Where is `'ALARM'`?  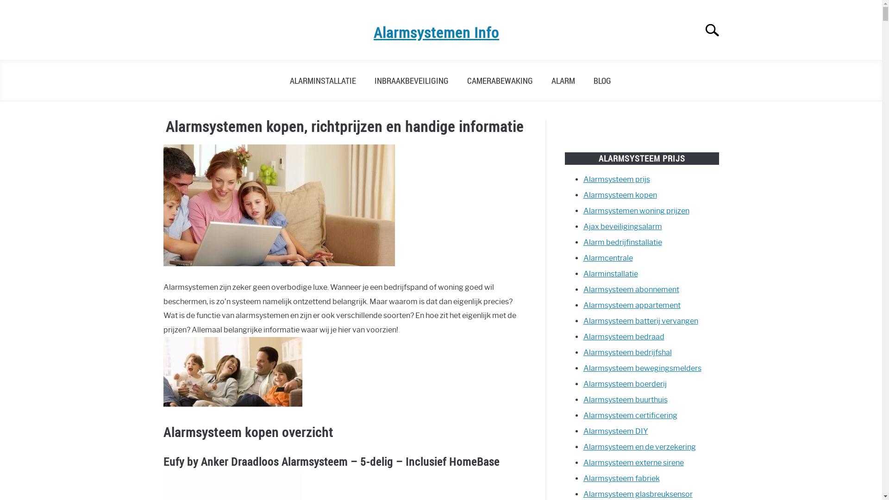 'ALARM' is located at coordinates (562, 80).